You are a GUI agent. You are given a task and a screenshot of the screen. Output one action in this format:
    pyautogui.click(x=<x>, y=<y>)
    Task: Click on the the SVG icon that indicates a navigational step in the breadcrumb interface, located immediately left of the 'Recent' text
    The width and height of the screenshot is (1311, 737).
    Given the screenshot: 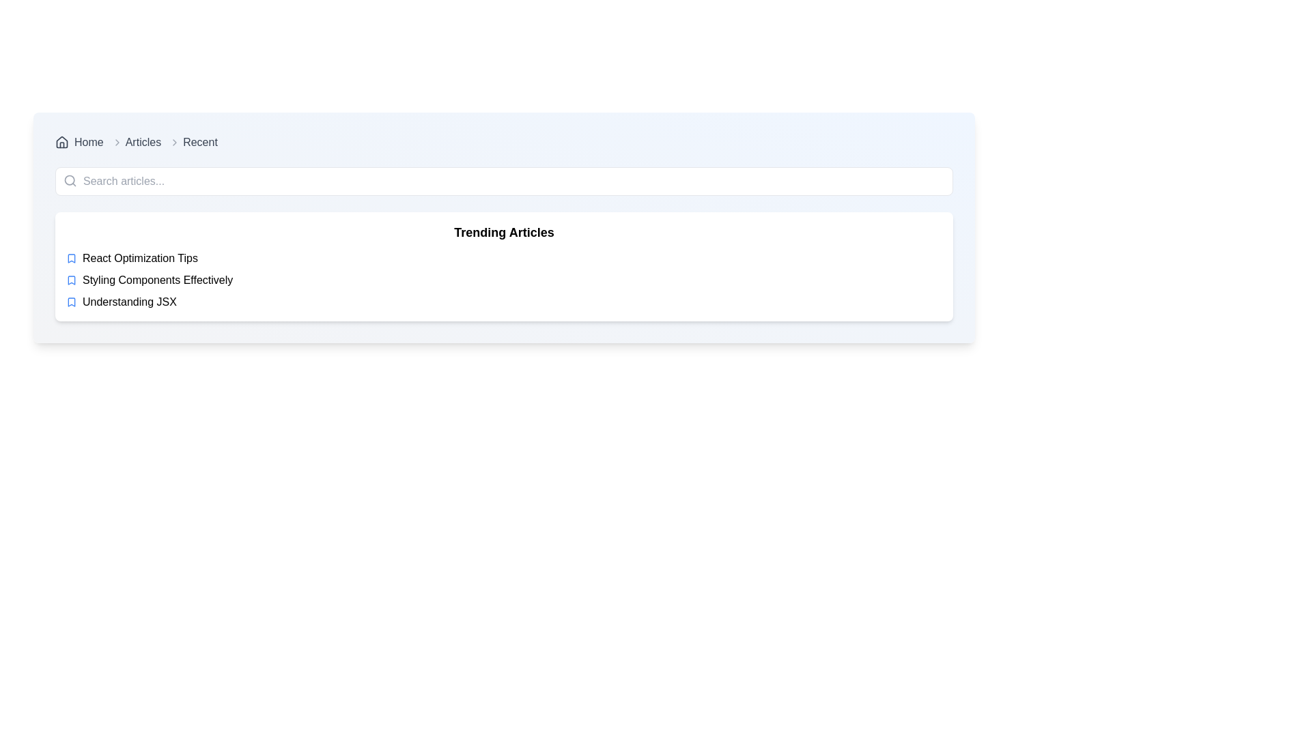 What is the action you would take?
    pyautogui.click(x=174, y=142)
    